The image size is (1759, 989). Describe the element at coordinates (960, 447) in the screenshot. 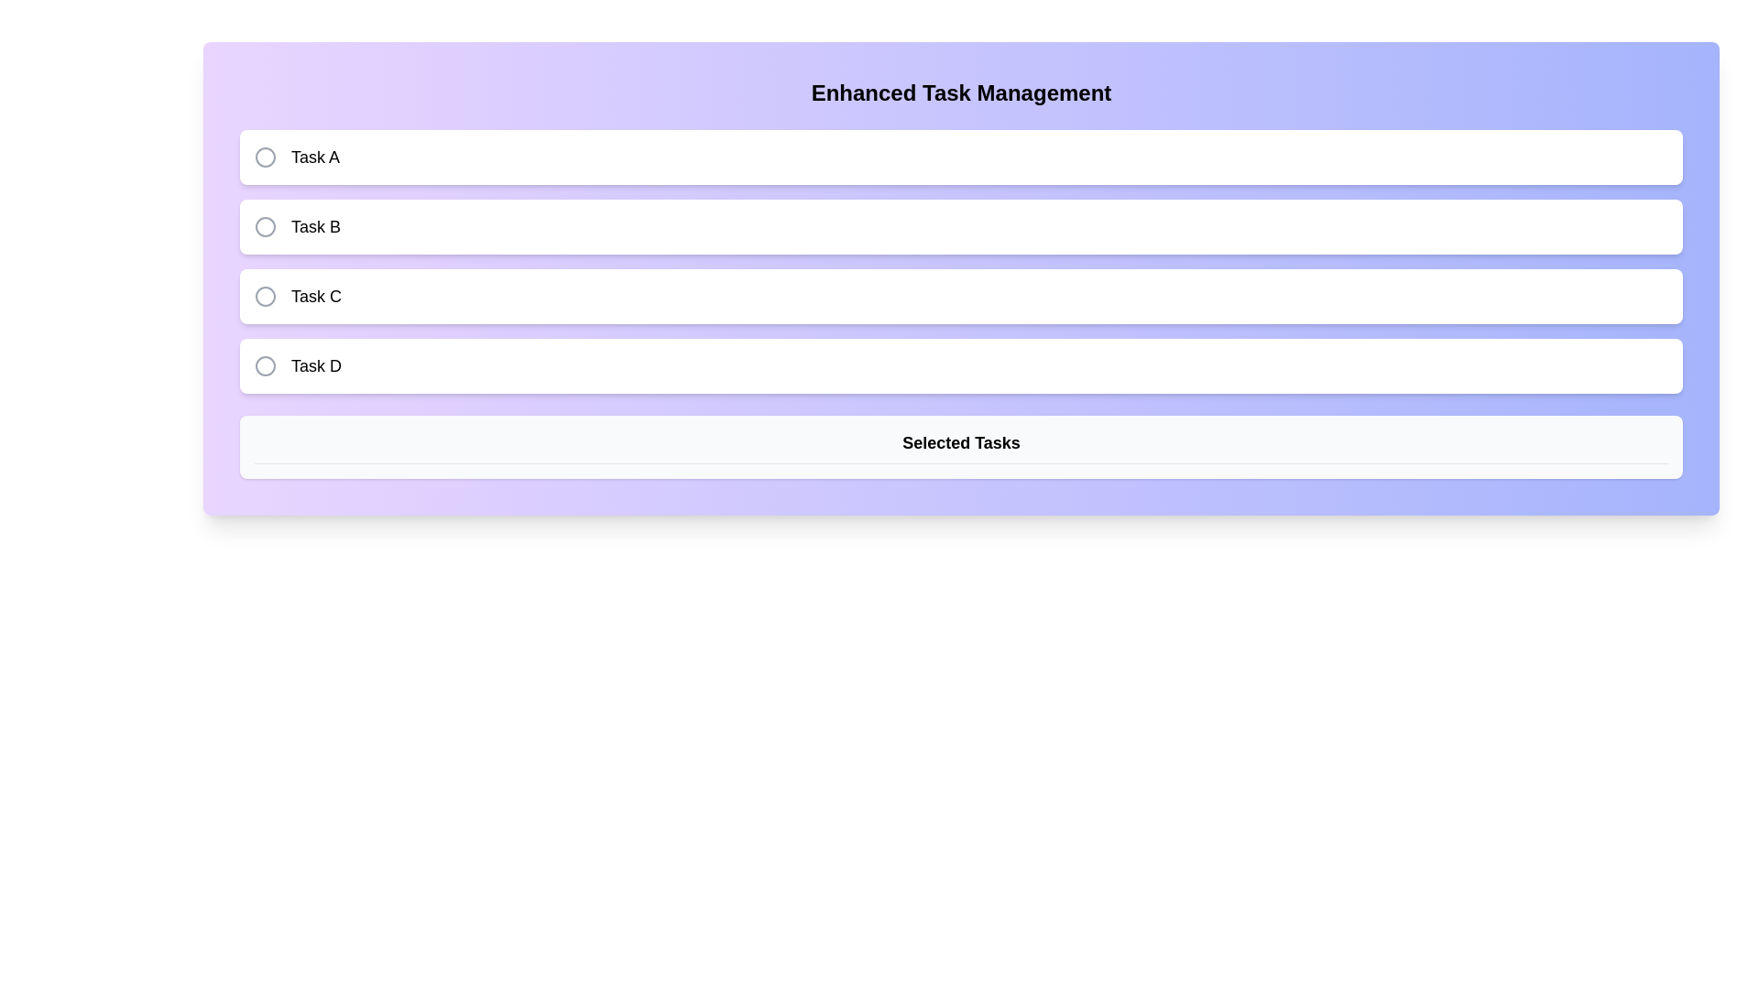

I see `the information in the 'Selected Tasks' label, which is a rectangular box with a light gray background and bold text, located at the bottom of the 'Enhanced Task Management' section` at that location.